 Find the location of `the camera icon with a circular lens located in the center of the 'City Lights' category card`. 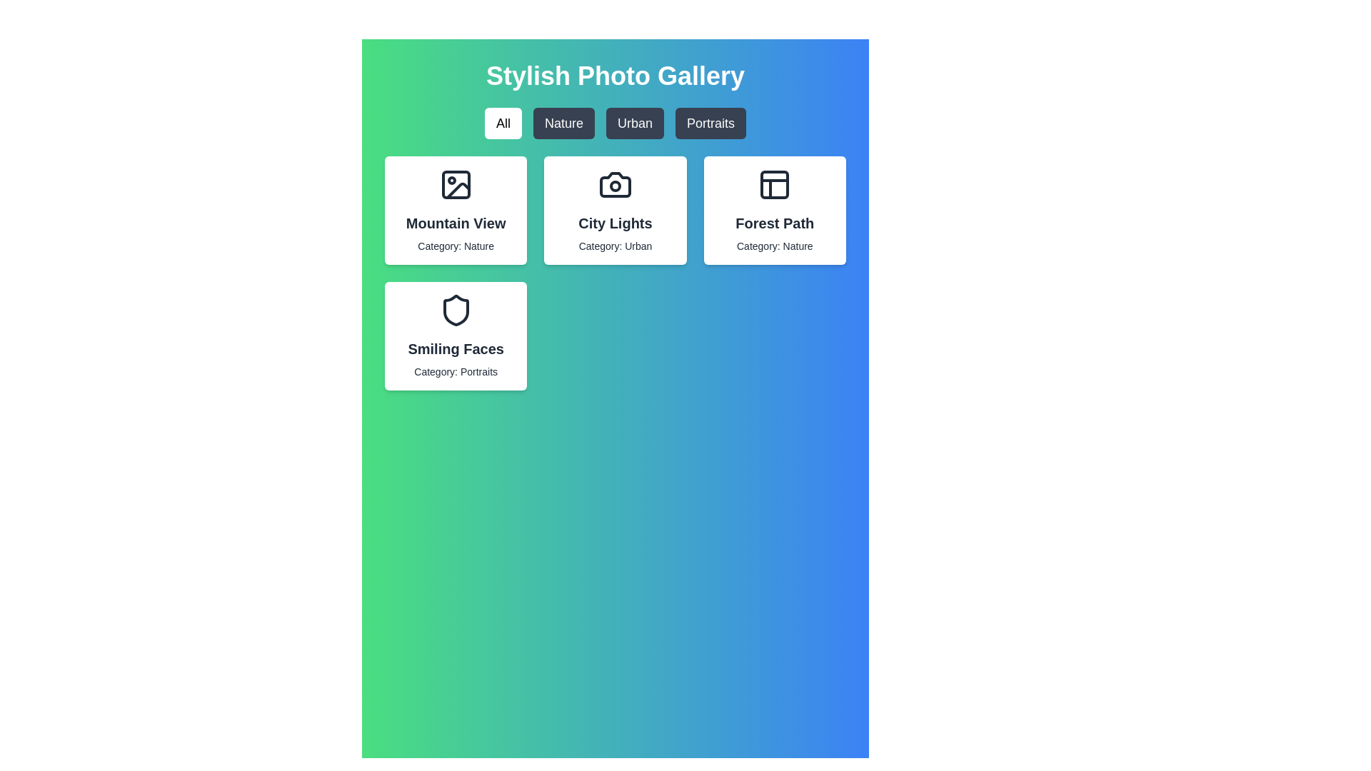

the camera icon with a circular lens located in the center of the 'City Lights' category card is located at coordinates (615, 183).